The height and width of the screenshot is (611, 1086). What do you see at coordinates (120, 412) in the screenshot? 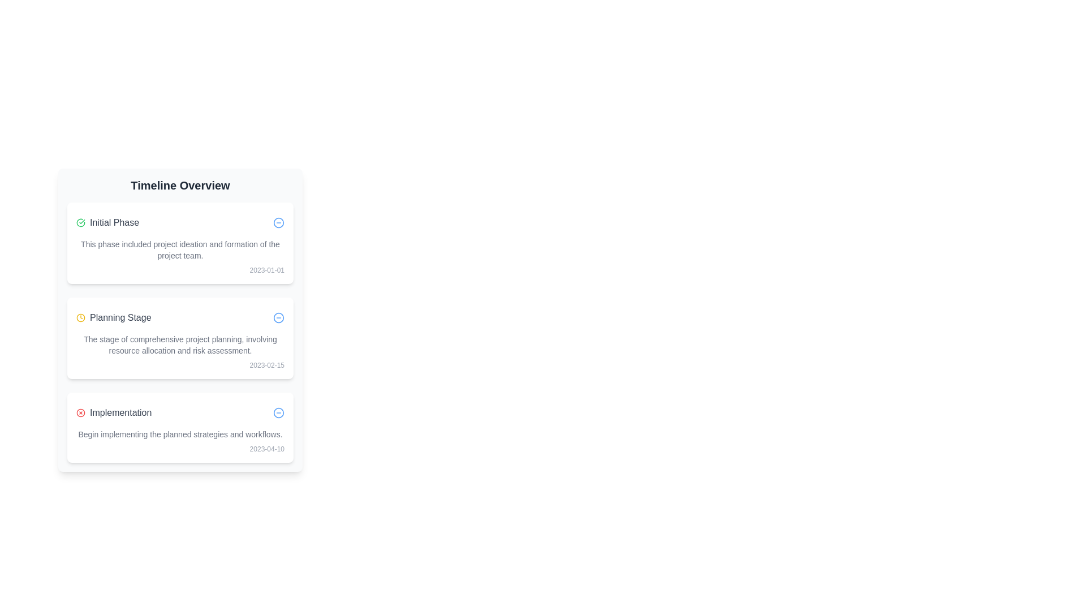
I see `the Text Label that identifies the 'Implementation' phase in the timeline, which is located beneath the 'Planning Stage' heading and to the right of a small red circular status marker` at bounding box center [120, 412].